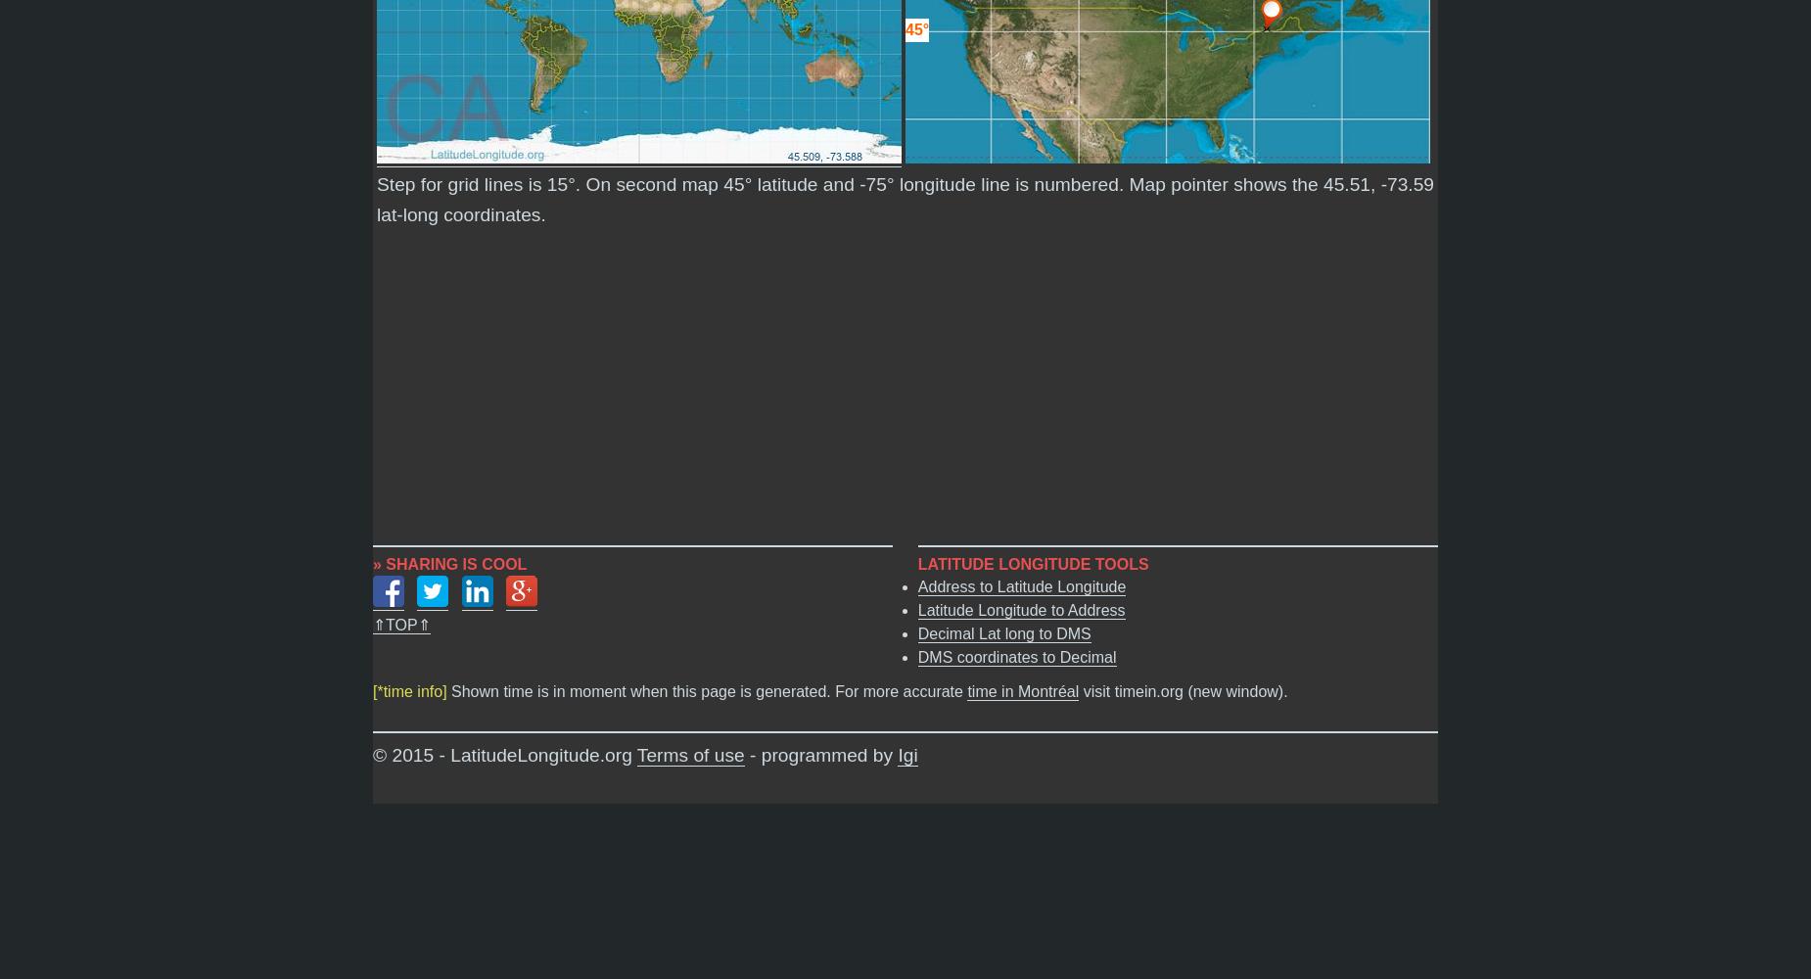  Describe the element at coordinates (916, 584) in the screenshot. I see `'Address to Latitude Longitude'` at that location.